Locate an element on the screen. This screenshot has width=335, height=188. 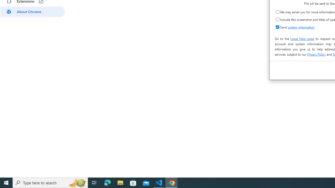
'Type here to search' is located at coordinates (50, 182).